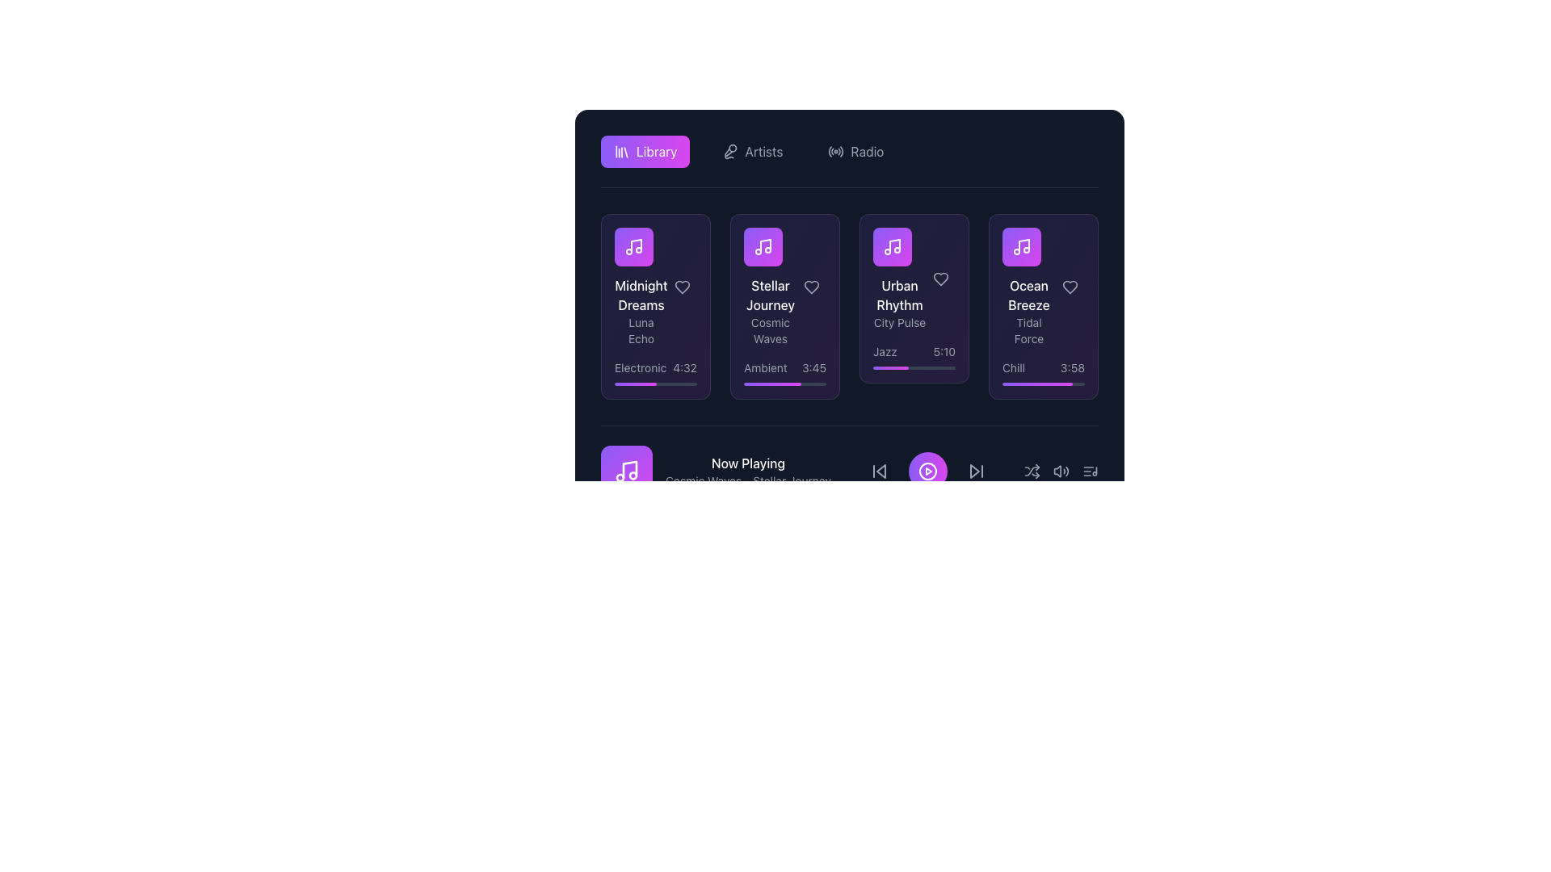 The height and width of the screenshot is (872, 1551). Describe the element at coordinates (811, 286) in the screenshot. I see `the favorite button located on the 'Stellar Journey' card` at that location.